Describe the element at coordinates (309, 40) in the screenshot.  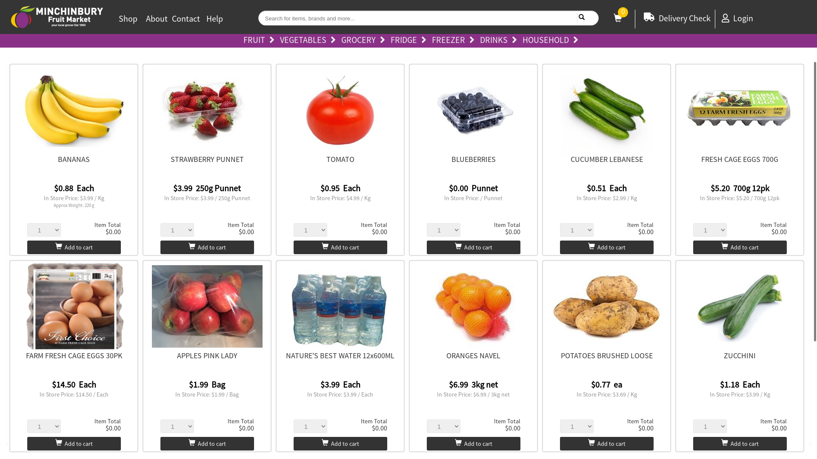
I see `'VEGETABLES'` at that location.